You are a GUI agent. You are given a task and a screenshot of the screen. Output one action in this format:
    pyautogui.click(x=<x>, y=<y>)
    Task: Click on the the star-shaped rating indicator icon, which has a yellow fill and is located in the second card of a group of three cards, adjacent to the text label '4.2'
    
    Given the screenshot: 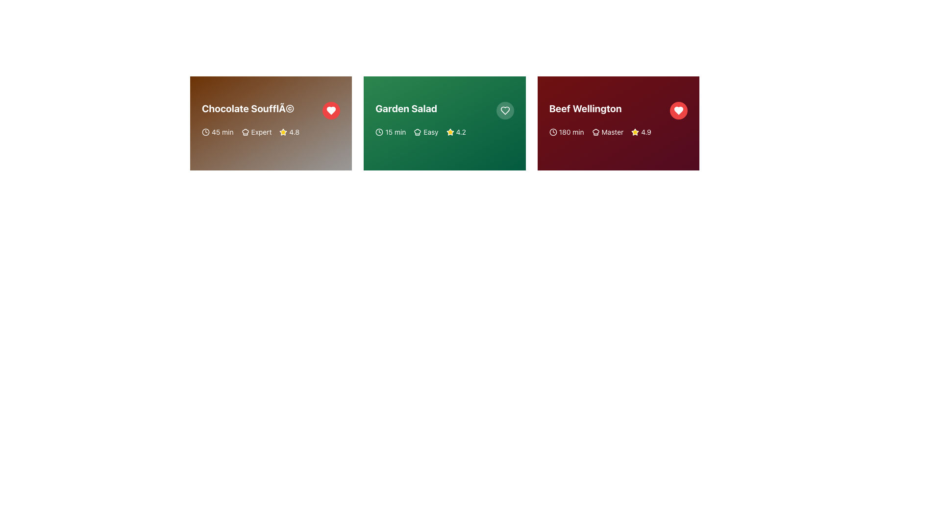 What is the action you would take?
    pyautogui.click(x=449, y=132)
    